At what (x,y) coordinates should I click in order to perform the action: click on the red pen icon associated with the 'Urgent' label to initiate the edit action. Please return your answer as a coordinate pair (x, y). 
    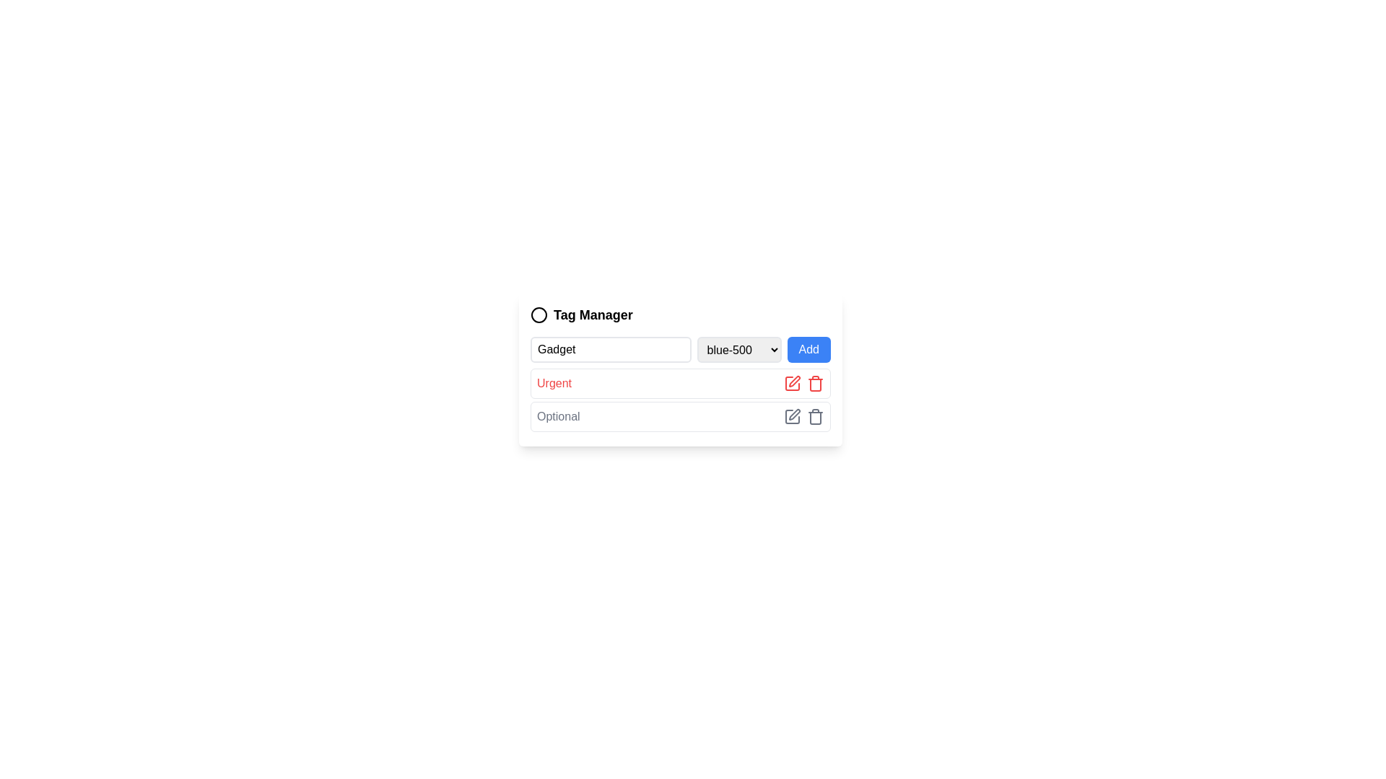
    Looking at the image, I should click on (792, 383).